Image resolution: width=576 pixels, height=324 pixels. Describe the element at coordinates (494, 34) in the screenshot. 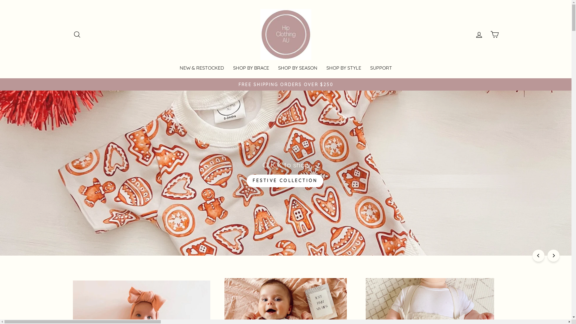

I see `'CART'` at that location.